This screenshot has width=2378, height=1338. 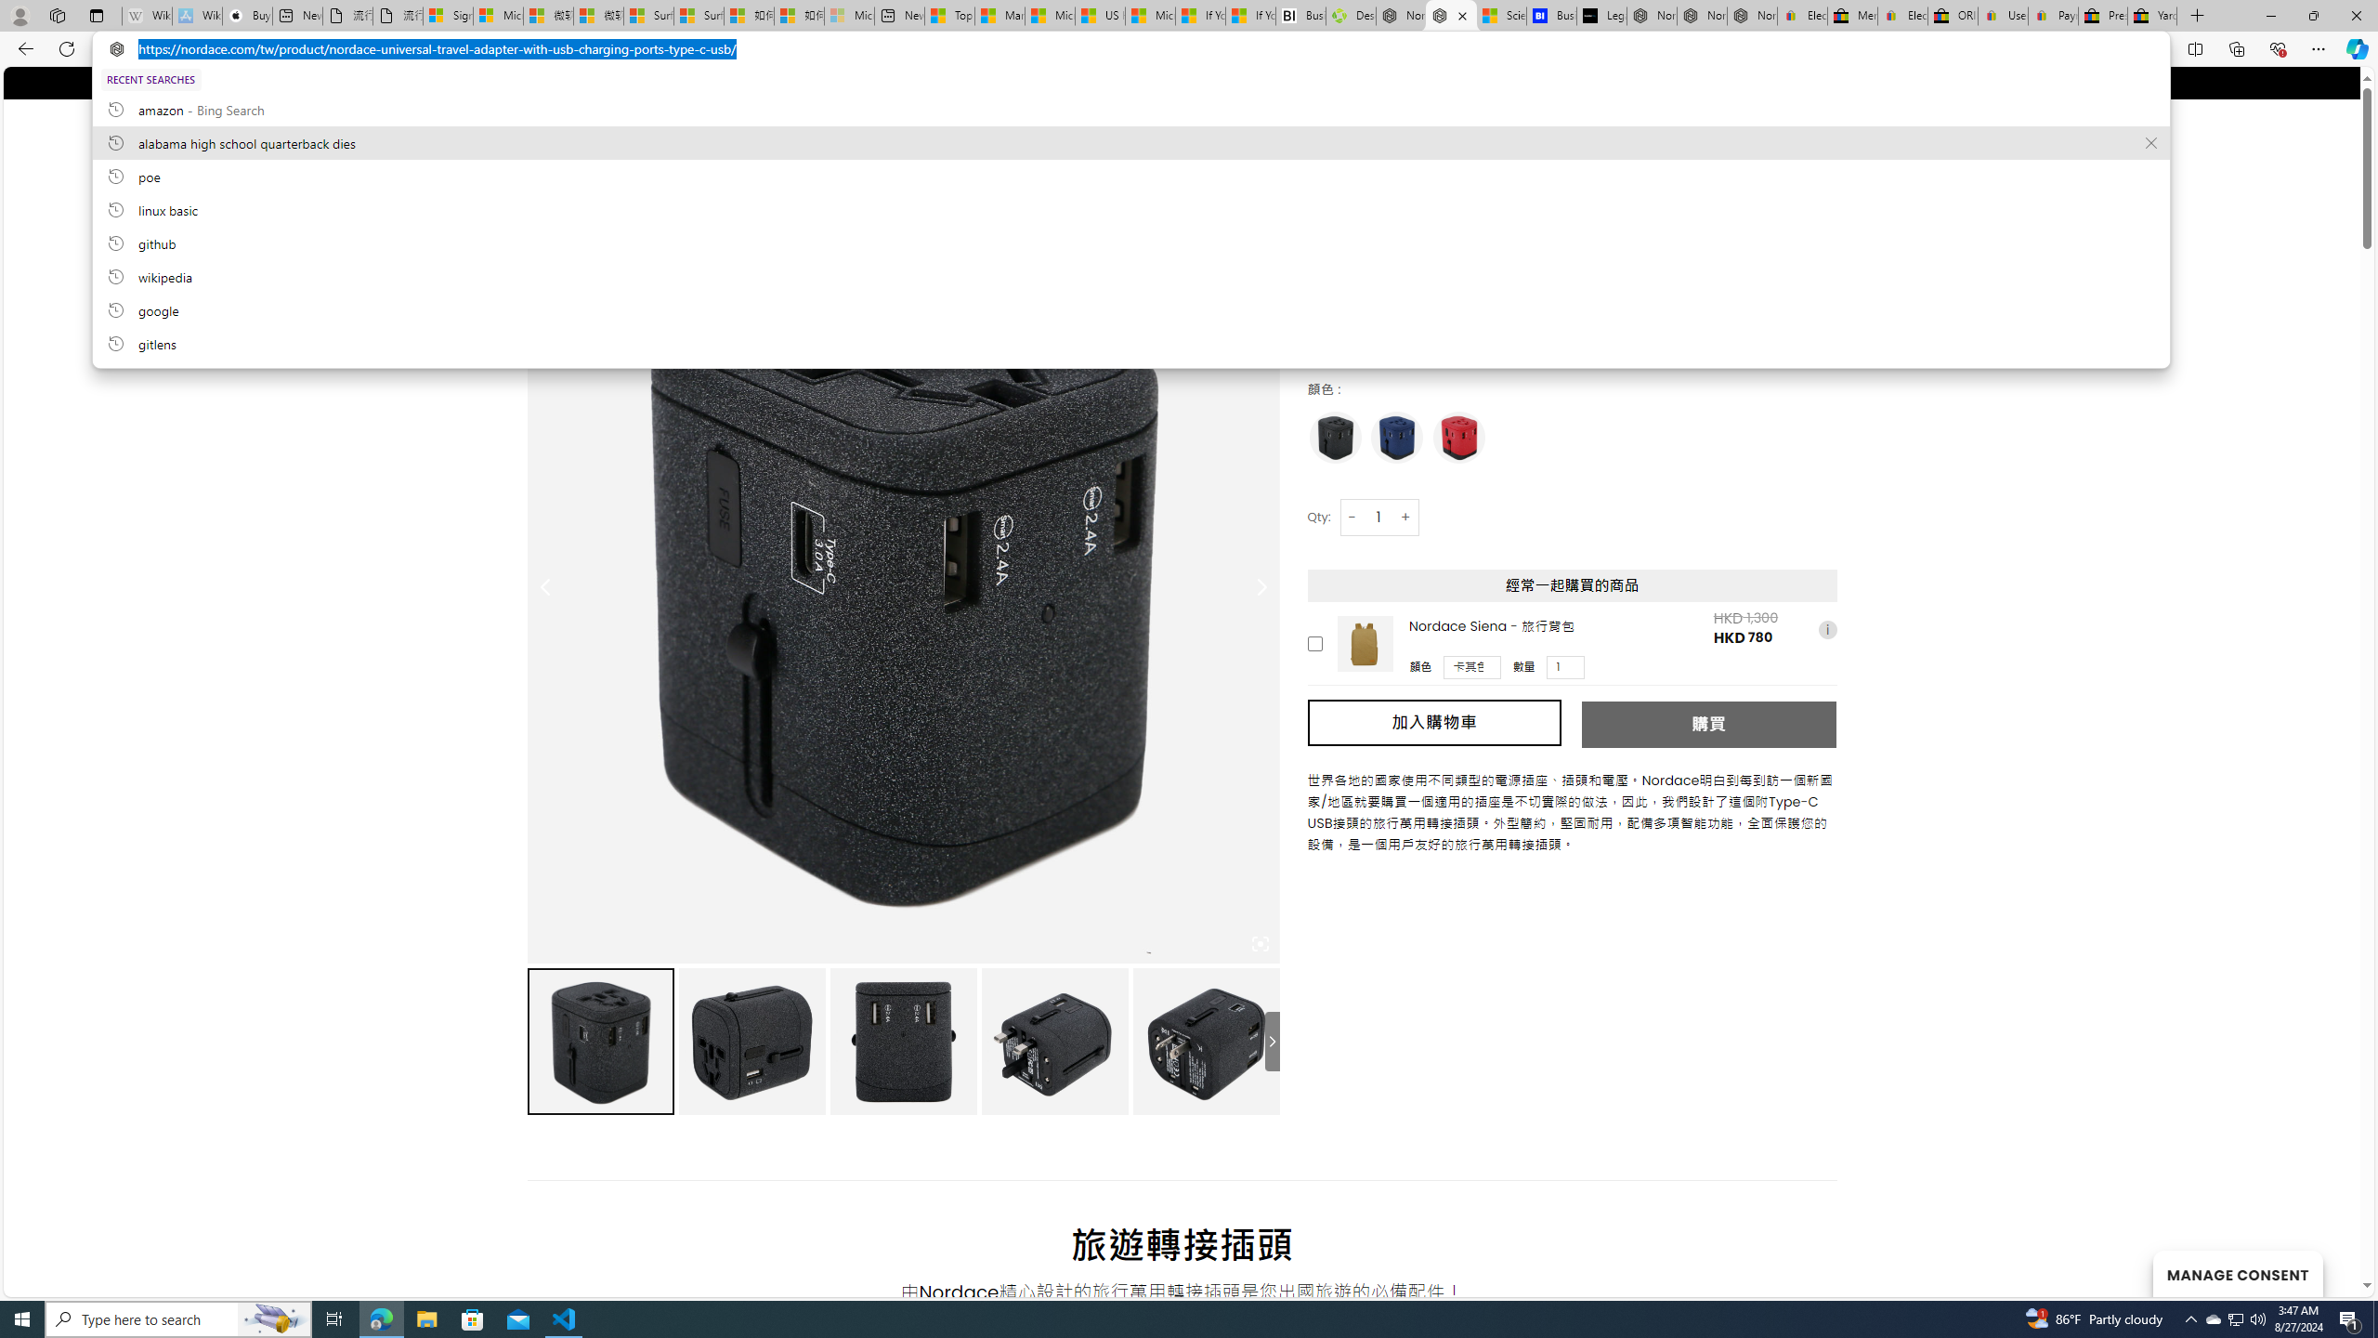 I want to click on '-', so click(x=1352, y=516).